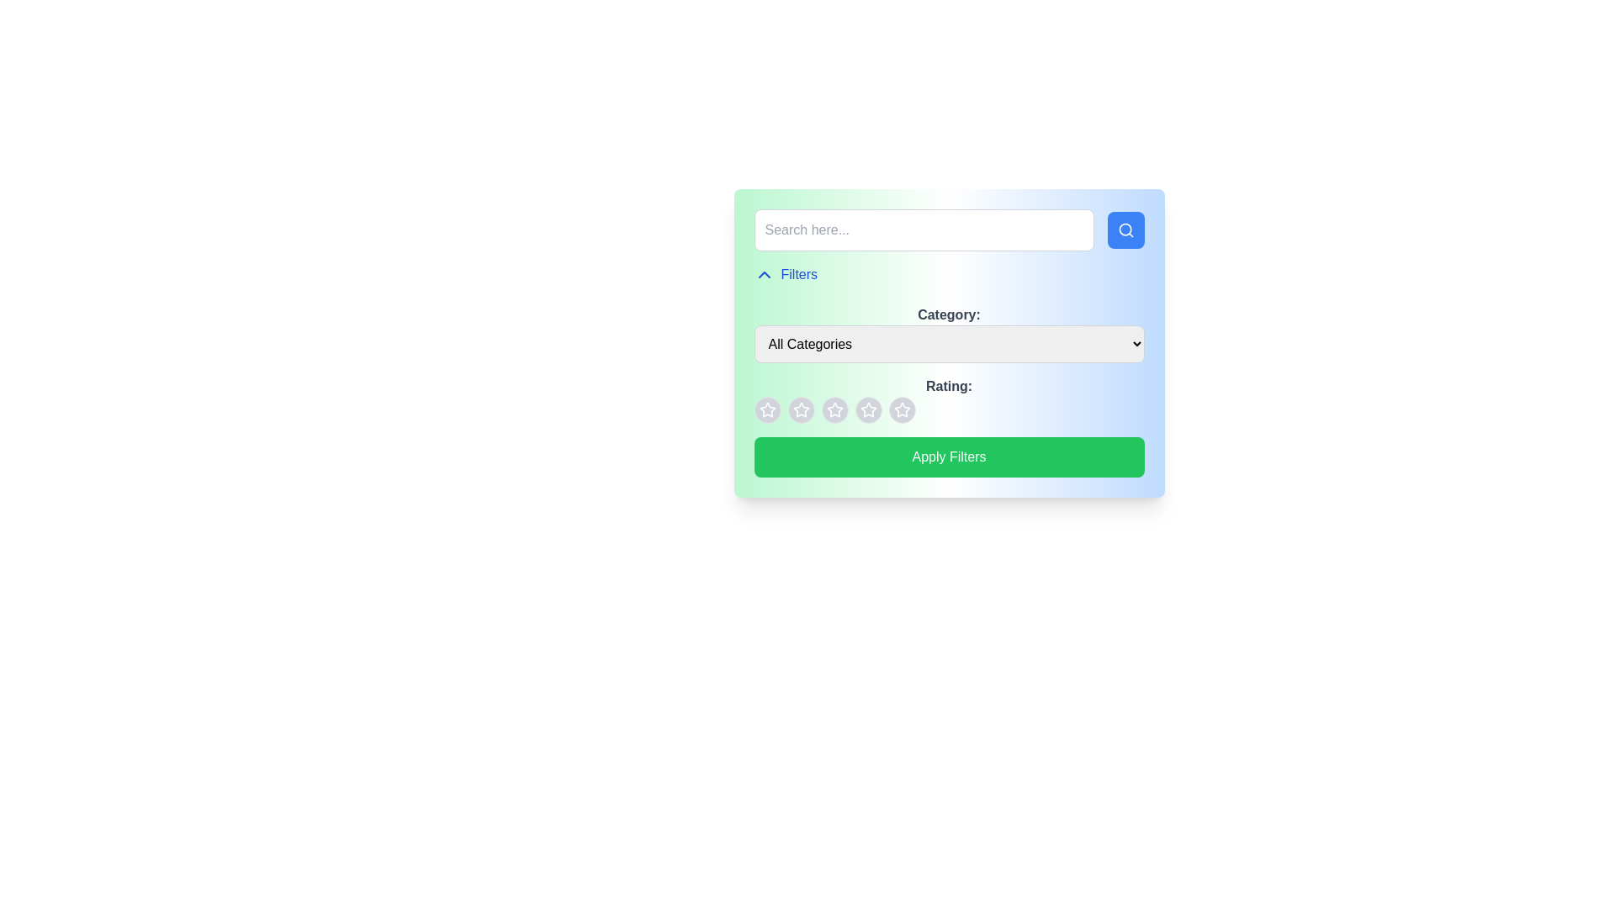  Describe the element at coordinates (1125, 230) in the screenshot. I see `the decorative circular element with a blue outline within the magnifying glass icon, located to the right of the search bar` at that location.